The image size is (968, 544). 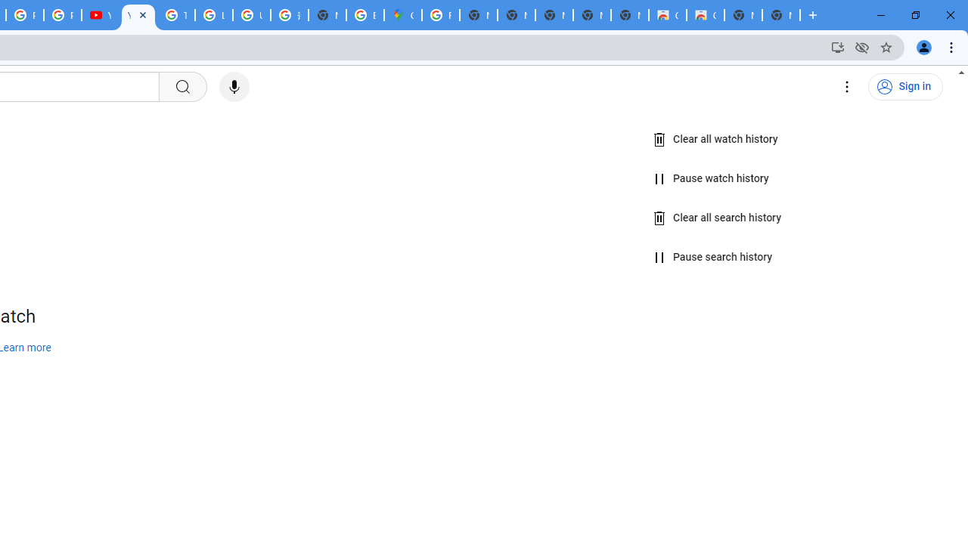 I want to click on 'Clear all watch history', so click(x=715, y=140).